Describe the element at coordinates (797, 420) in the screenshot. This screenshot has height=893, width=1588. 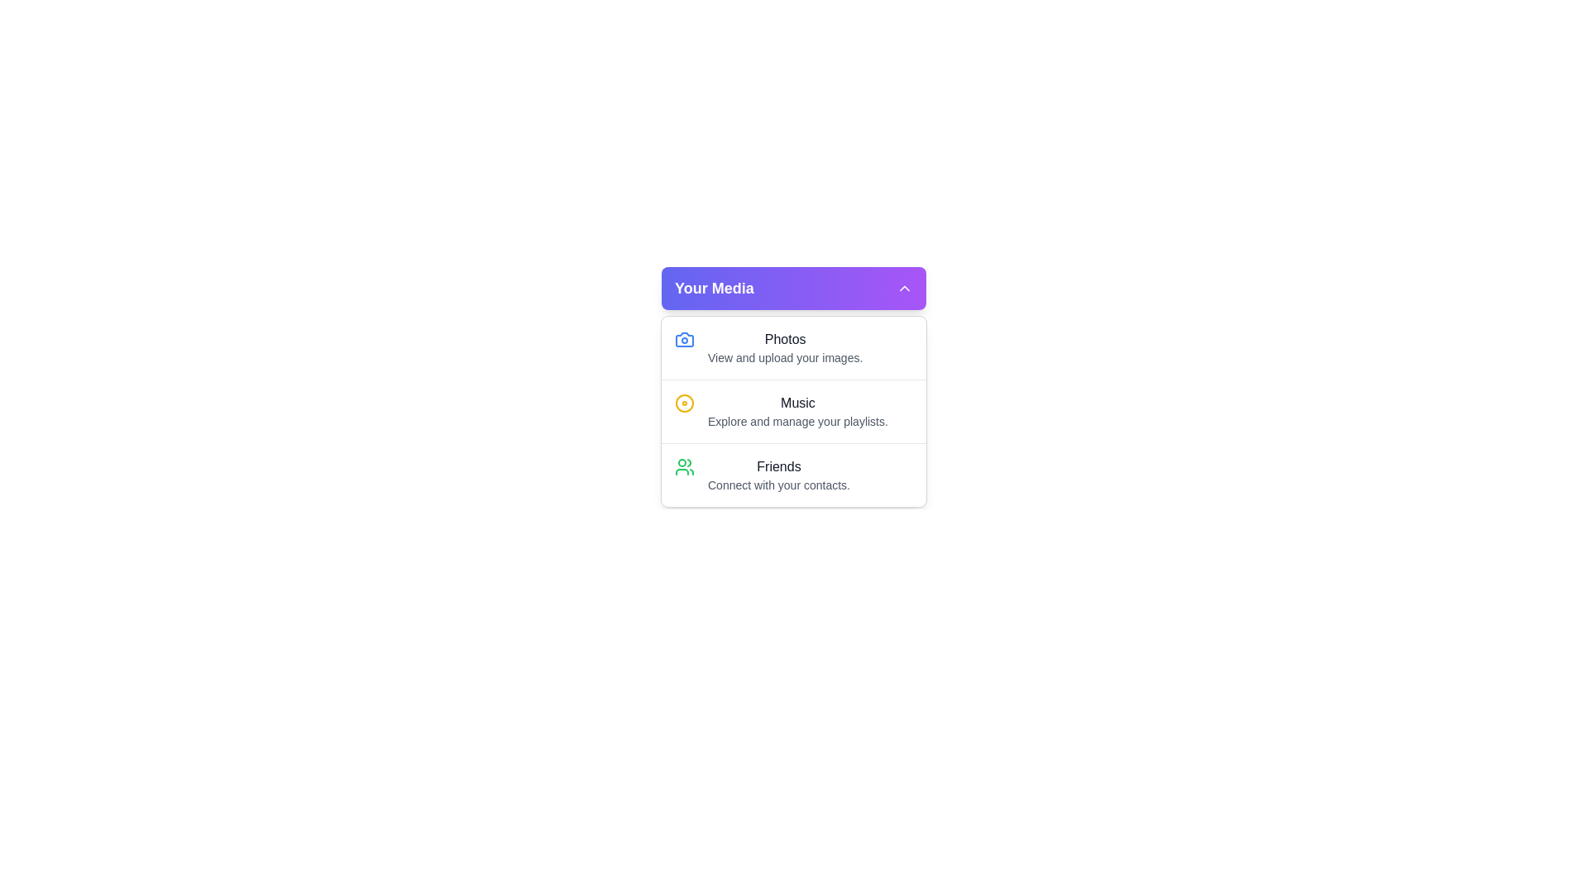
I see `the static text displaying 'Explore and manage your playlists.' which is located below the 'Music' heading in the middle section of the vertical list` at that location.